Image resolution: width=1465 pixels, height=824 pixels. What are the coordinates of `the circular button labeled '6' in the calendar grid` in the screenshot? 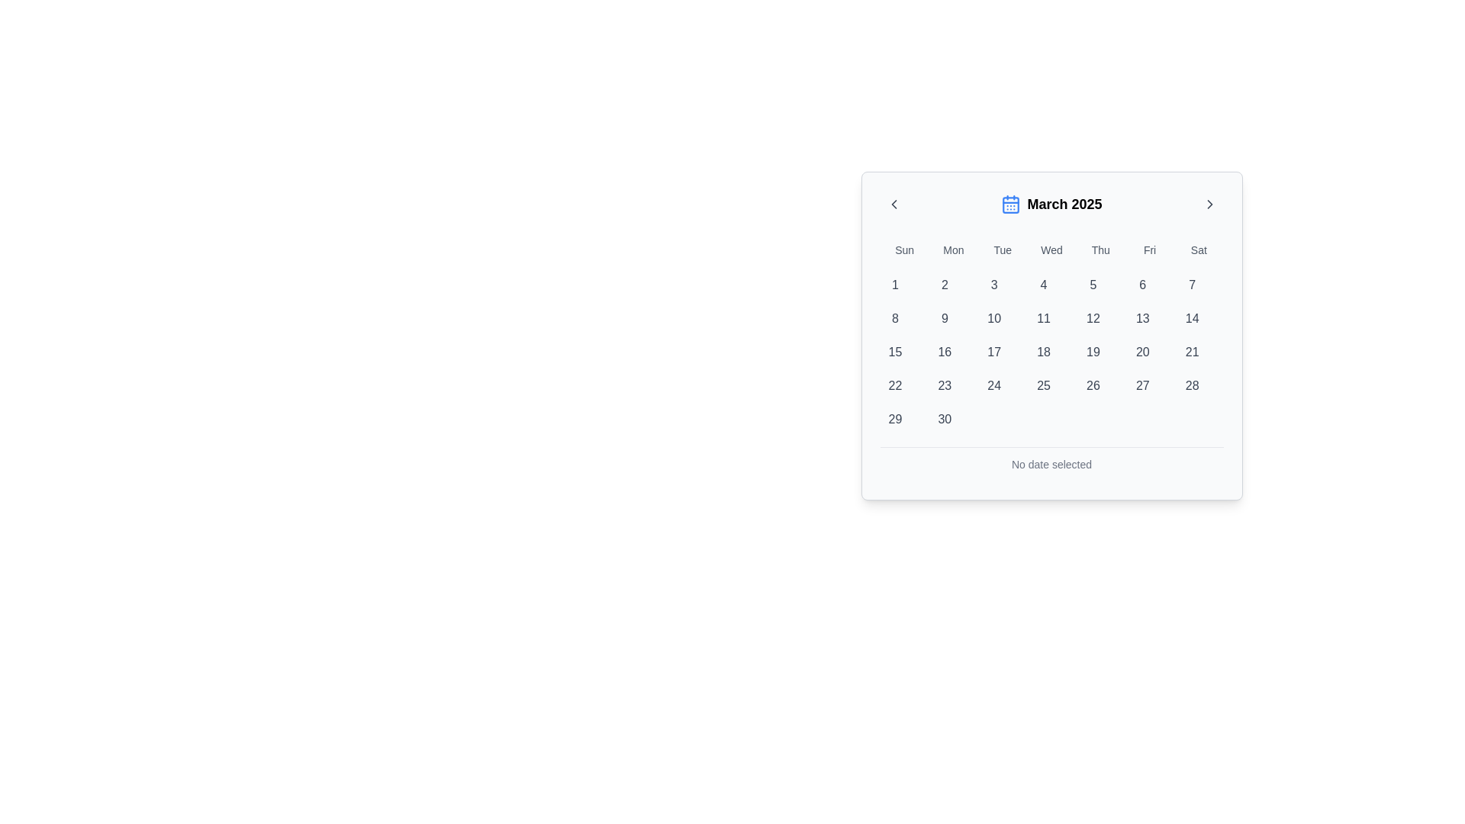 It's located at (1142, 285).